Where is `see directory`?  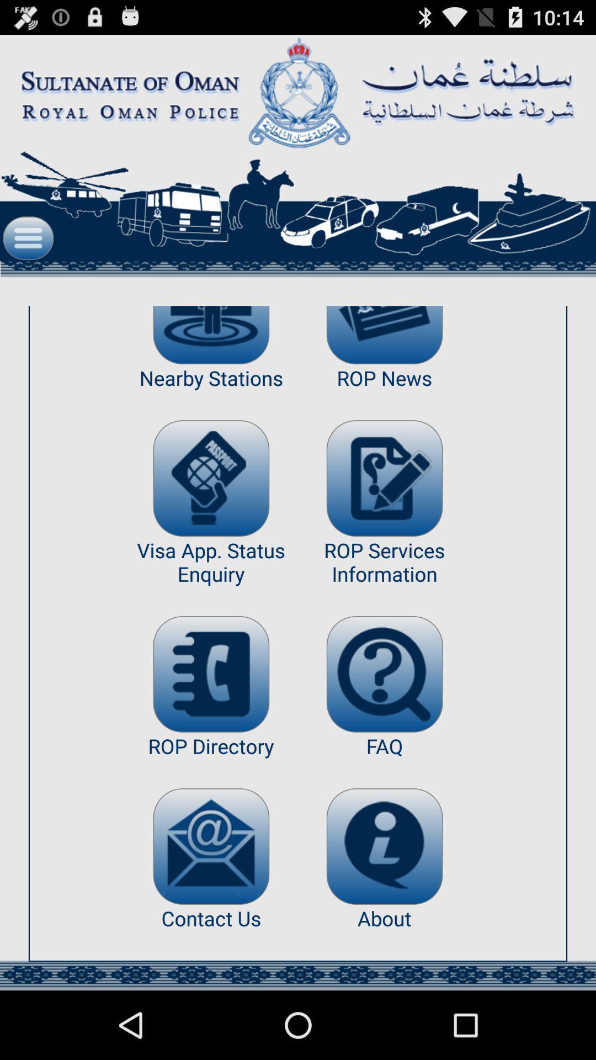 see directory is located at coordinates (211, 674).